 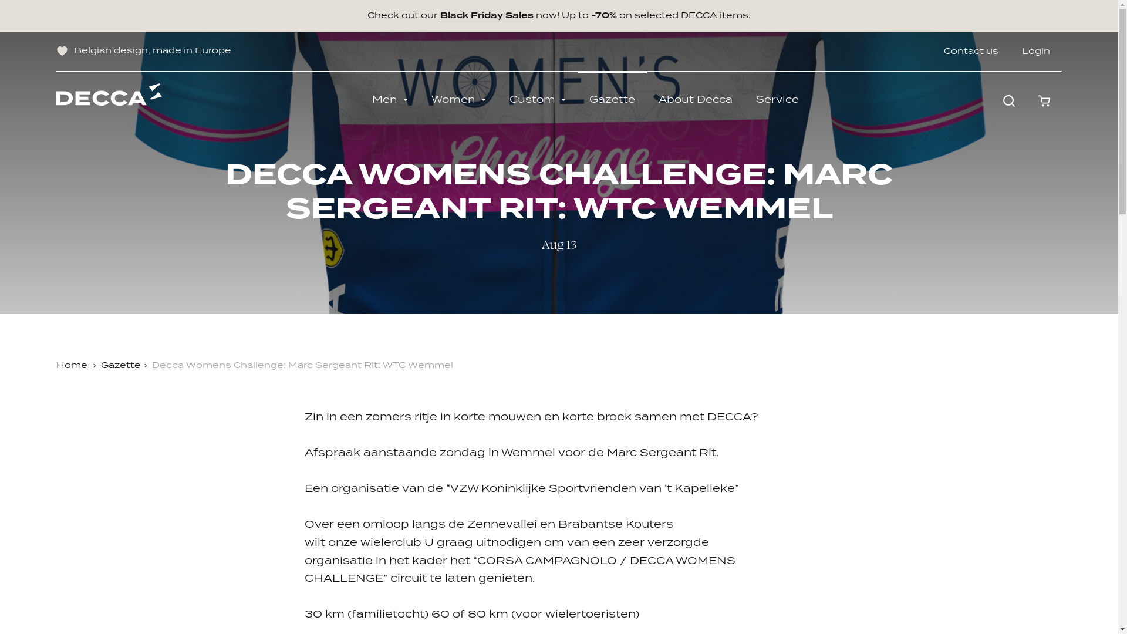 What do you see at coordinates (1025, 100) in the screenshot?
I see `'Cart'` at bounding box center [1025, 100].